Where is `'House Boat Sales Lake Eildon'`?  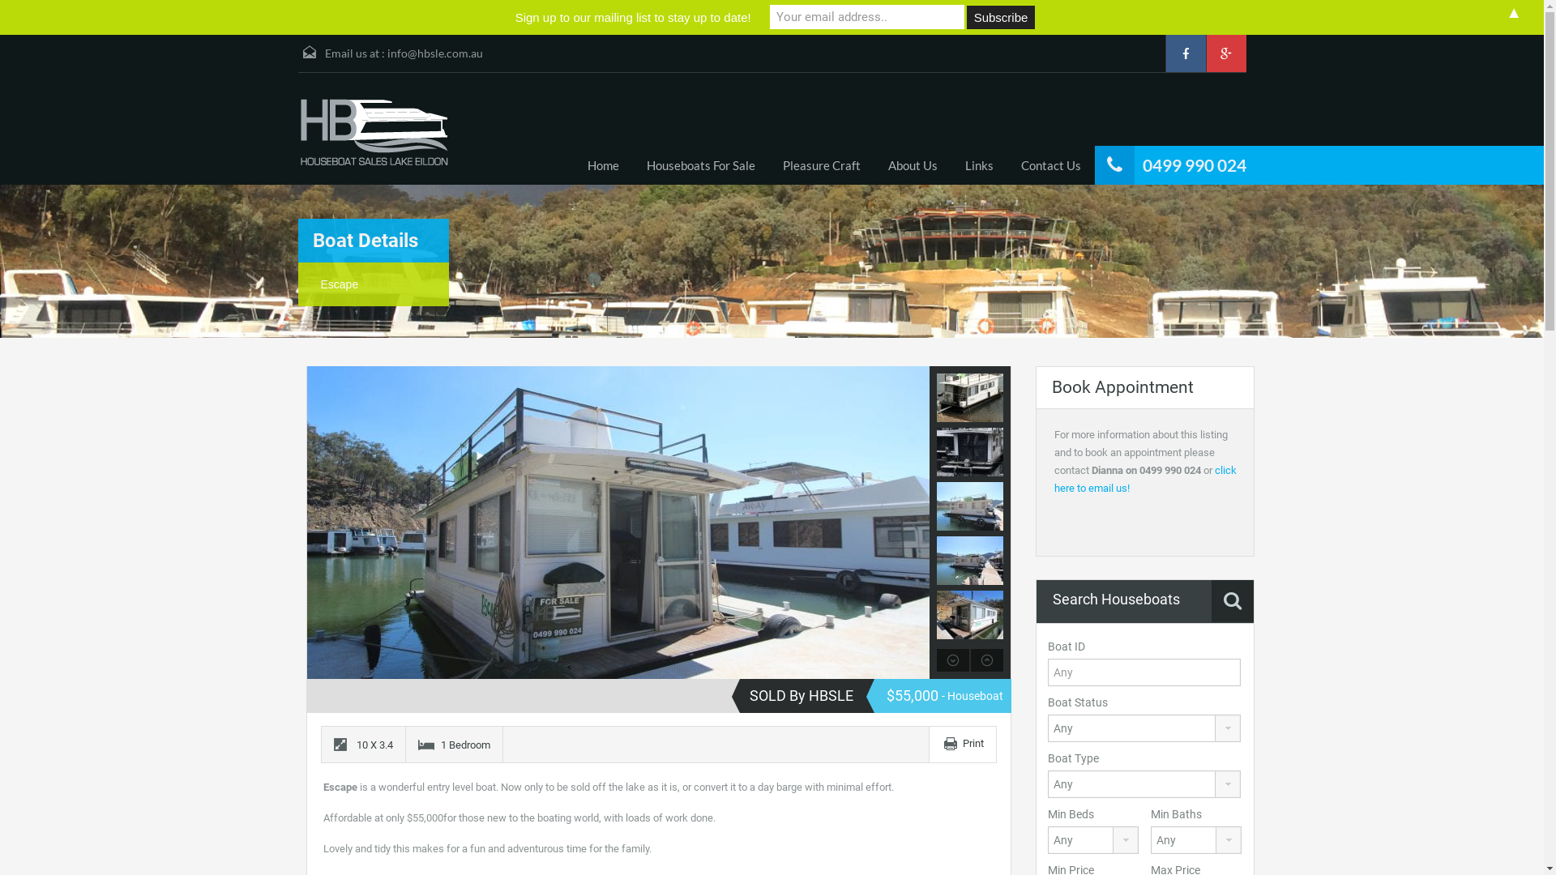
'House Boat Sales Lake Eildon' is located at coordinates (373, 132).